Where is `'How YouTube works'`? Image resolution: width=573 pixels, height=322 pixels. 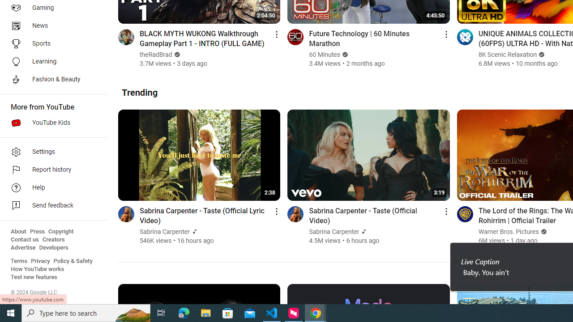 'How YouTube works' is located at coordinates (37, 269).